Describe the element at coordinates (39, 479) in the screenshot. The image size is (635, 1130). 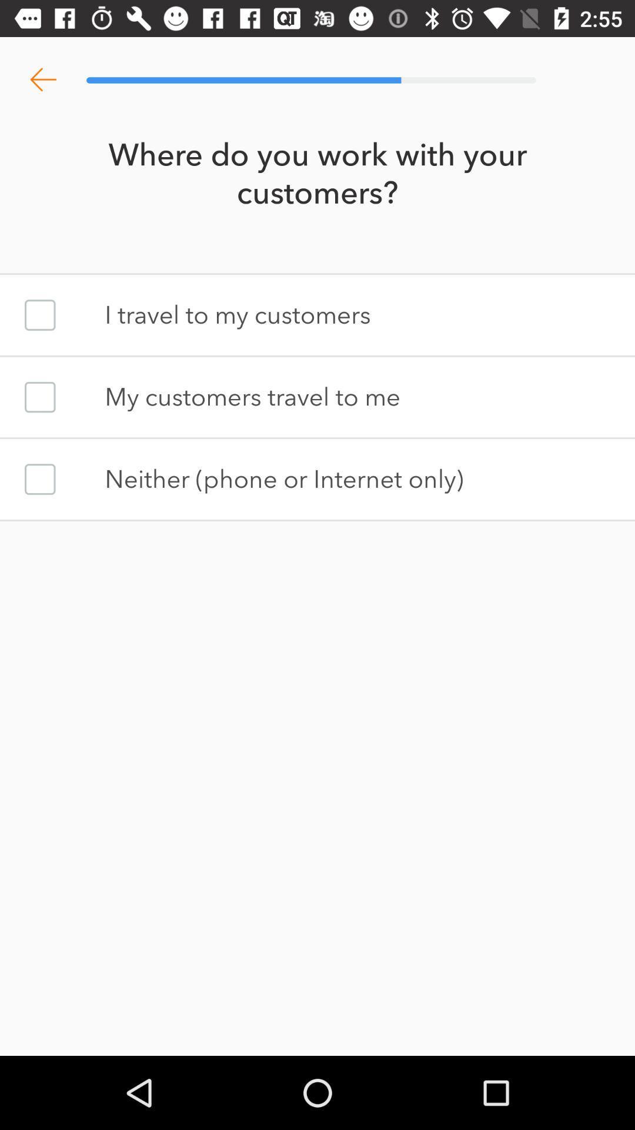
I see `option for neither` at that location.